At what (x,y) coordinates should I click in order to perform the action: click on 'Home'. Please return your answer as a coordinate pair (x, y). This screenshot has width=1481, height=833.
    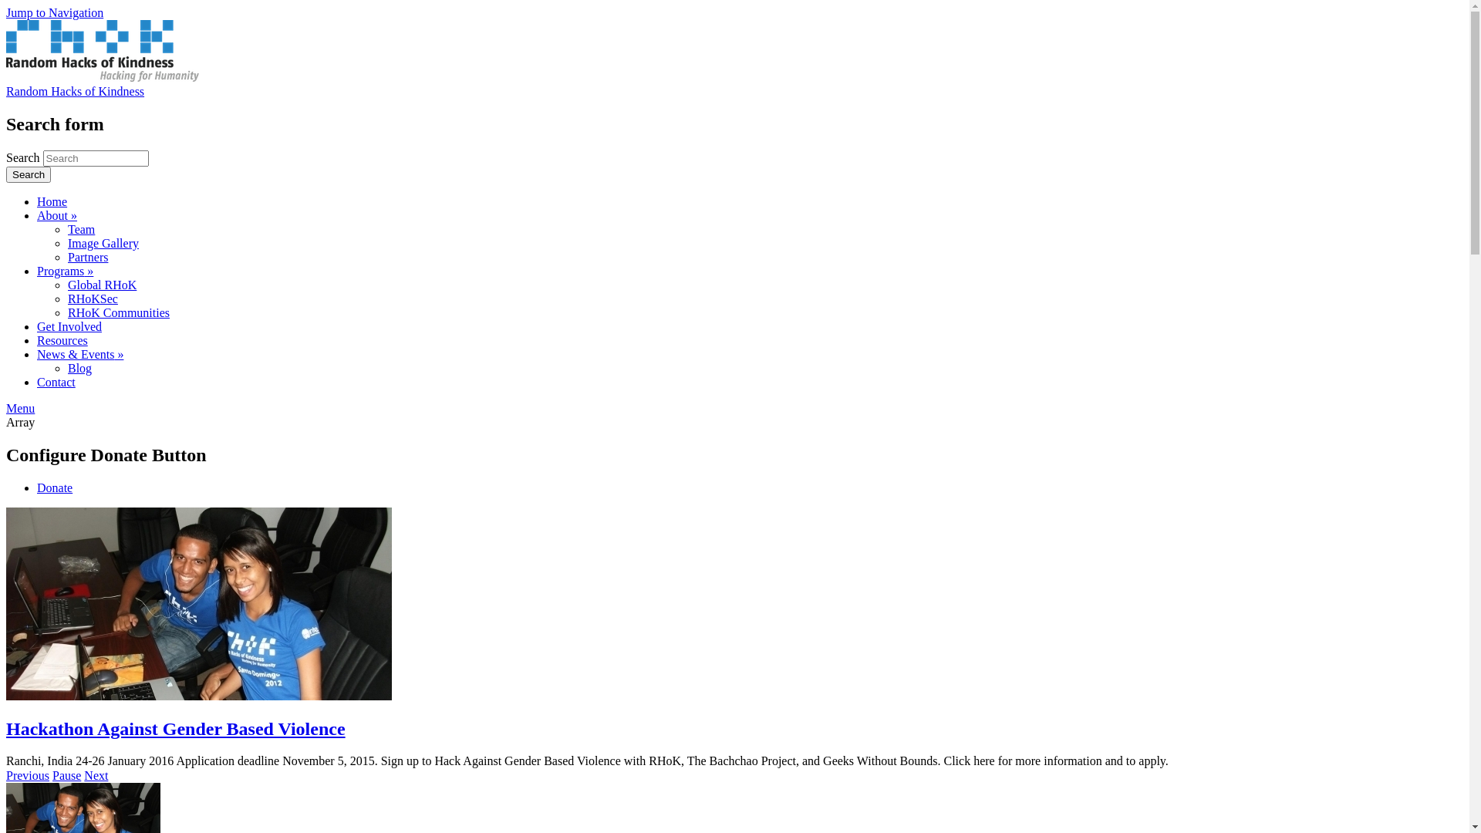
    Looking at the image, I should click on (102, 77).